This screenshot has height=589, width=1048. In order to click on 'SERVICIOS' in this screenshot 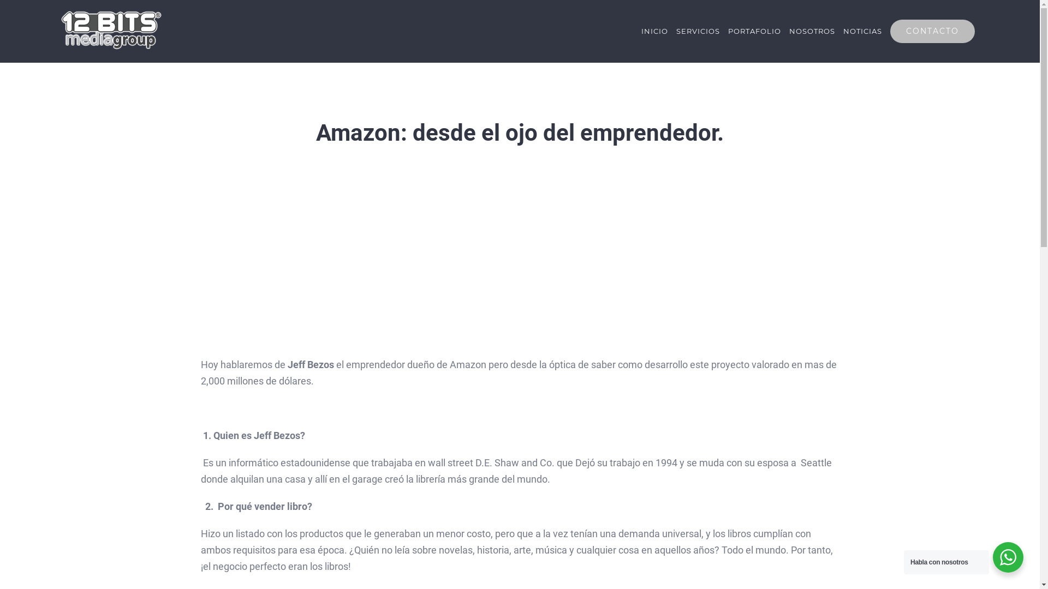, I will do `click(697, 31)`.